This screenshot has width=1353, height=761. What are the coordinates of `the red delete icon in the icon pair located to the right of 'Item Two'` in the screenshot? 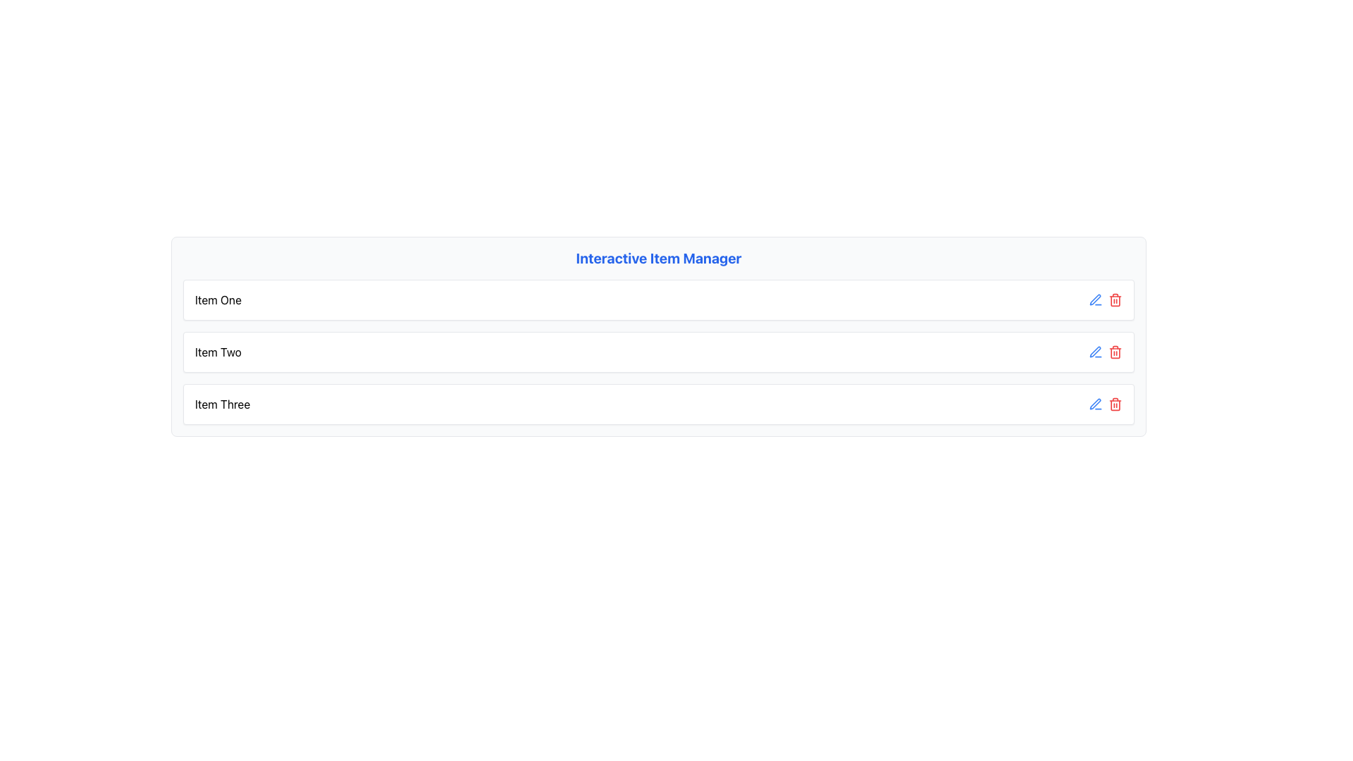 It's located at (1105, 352).